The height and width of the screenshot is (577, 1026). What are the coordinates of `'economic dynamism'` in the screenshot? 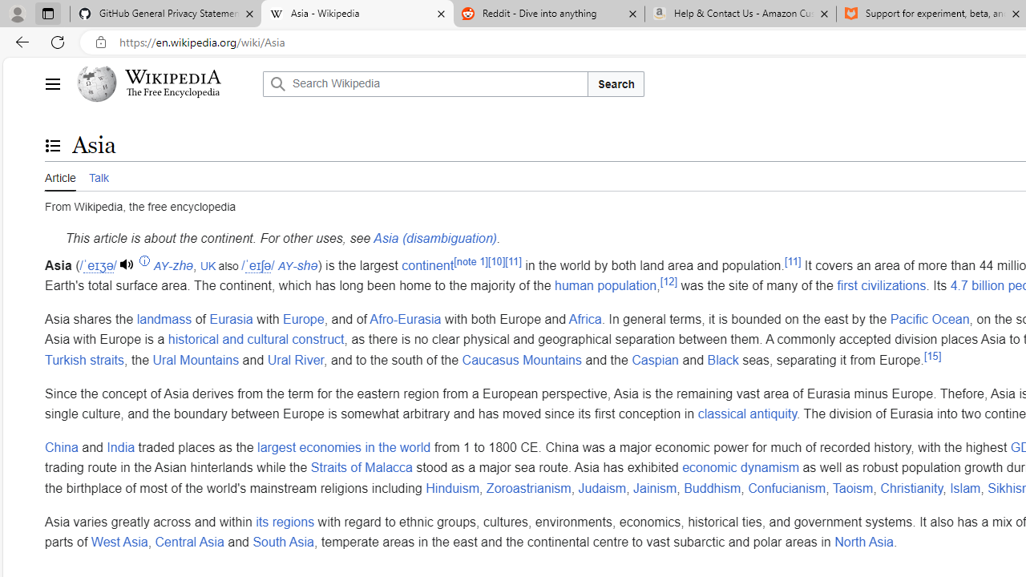 It's located at (740, 468).